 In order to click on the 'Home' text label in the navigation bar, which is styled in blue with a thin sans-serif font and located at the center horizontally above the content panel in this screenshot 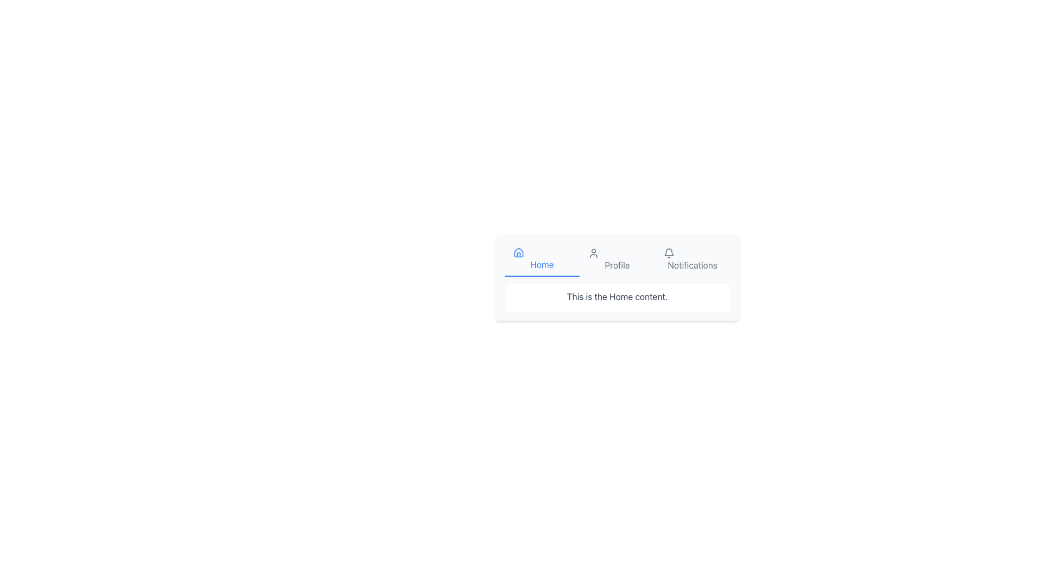, I will do `click(542, 265)`.